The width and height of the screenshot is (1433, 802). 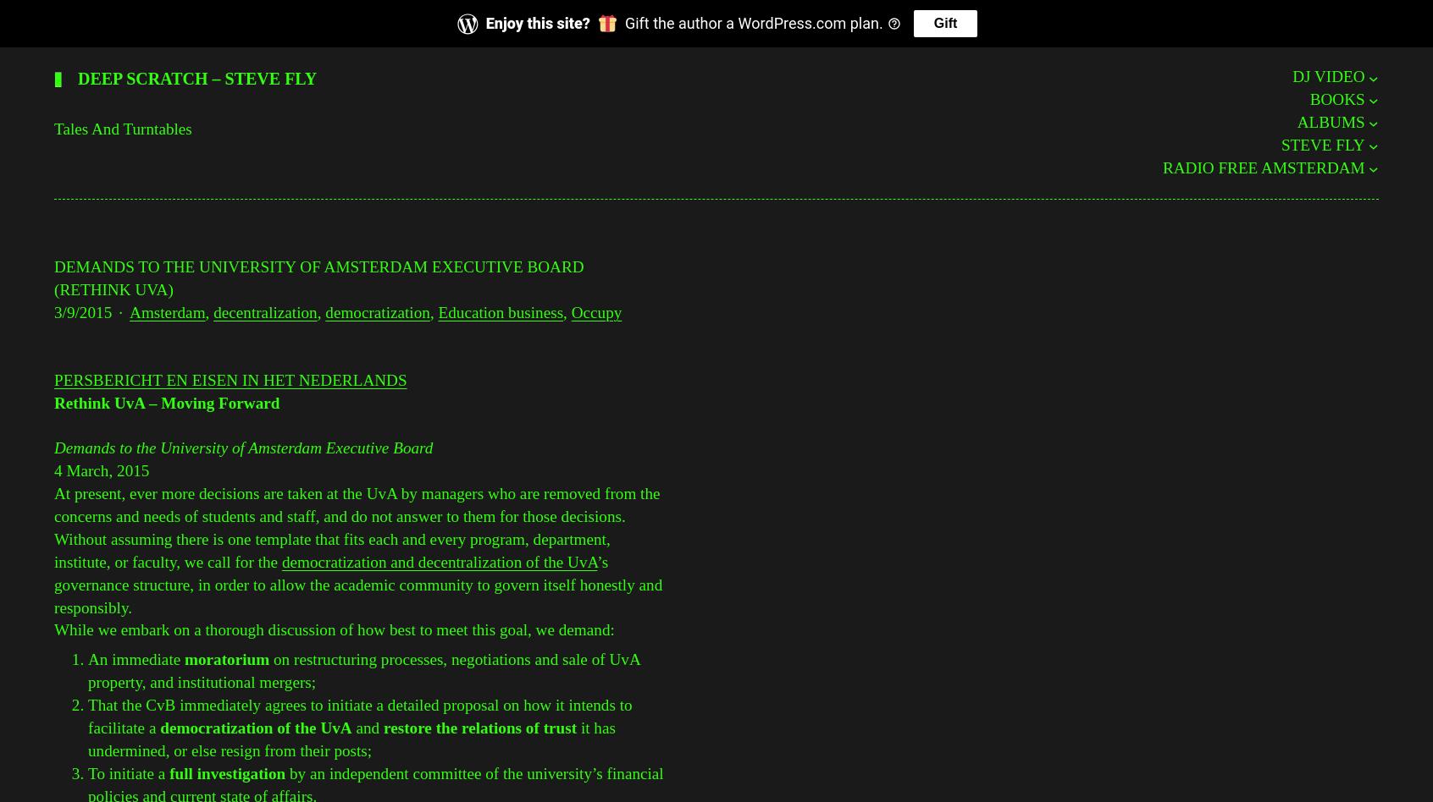 I want to click on 'BOOKS', so click(x=1336, y=99).